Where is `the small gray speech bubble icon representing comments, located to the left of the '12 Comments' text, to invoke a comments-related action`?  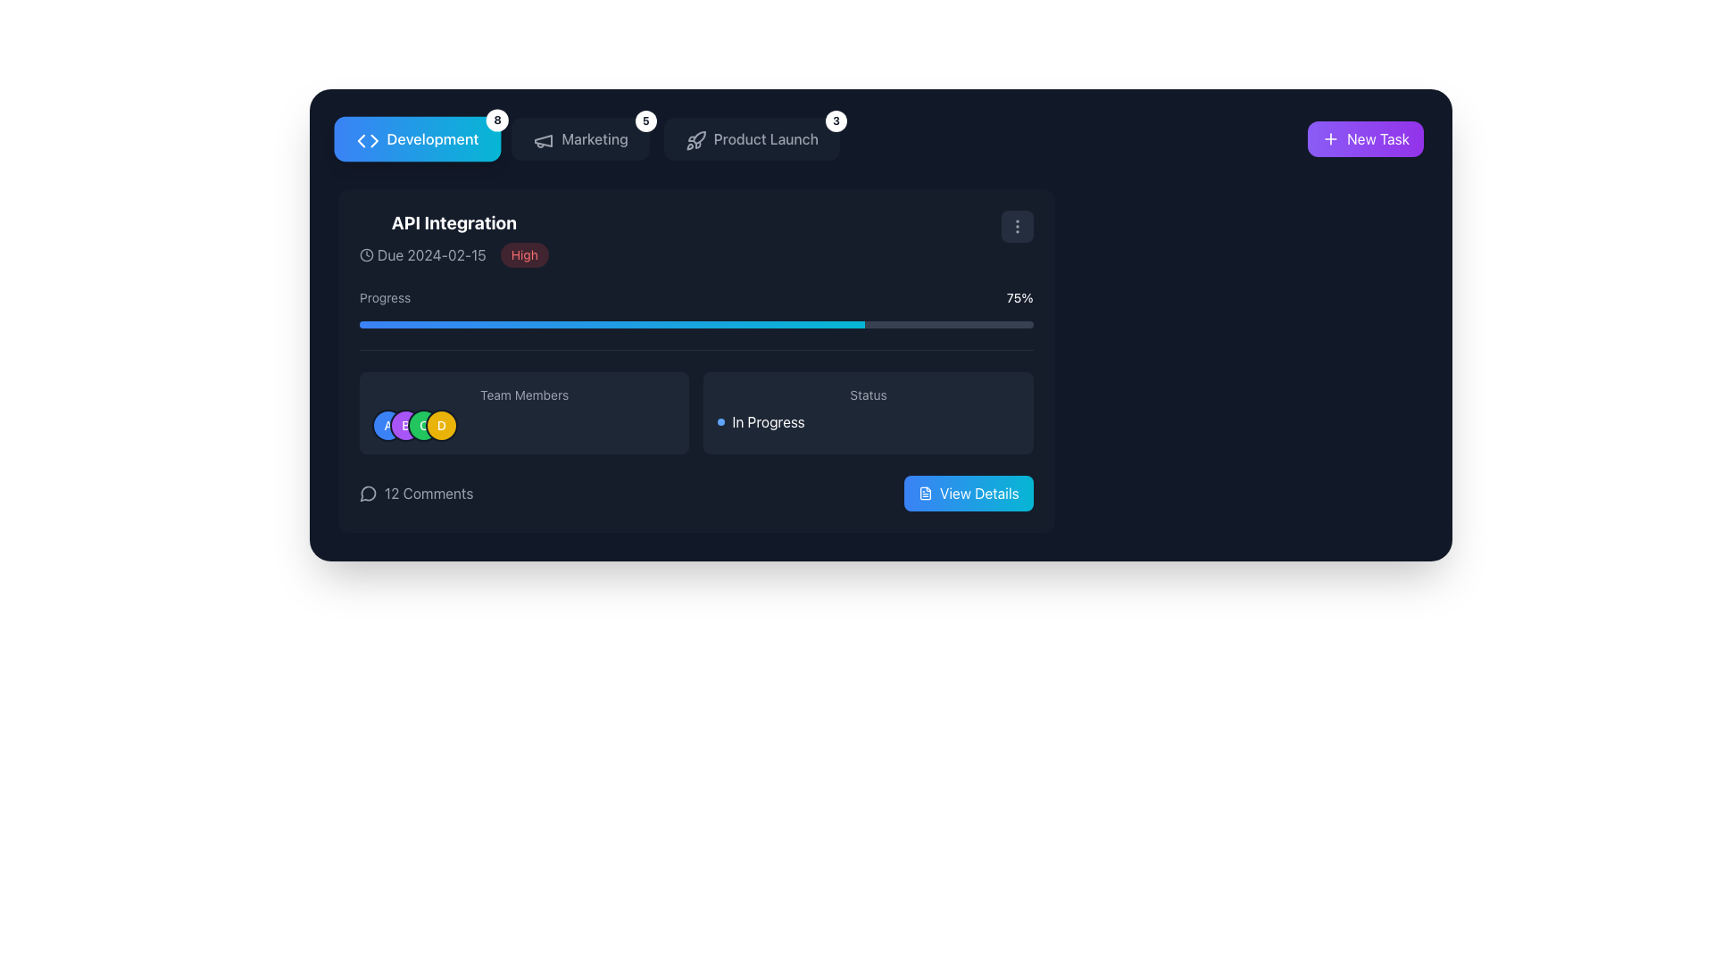 the small gray speech bubble icon representing comments, located to the left of the '12 Comments' text, to invoke a comments-related action is located at coordinates (367, 493).